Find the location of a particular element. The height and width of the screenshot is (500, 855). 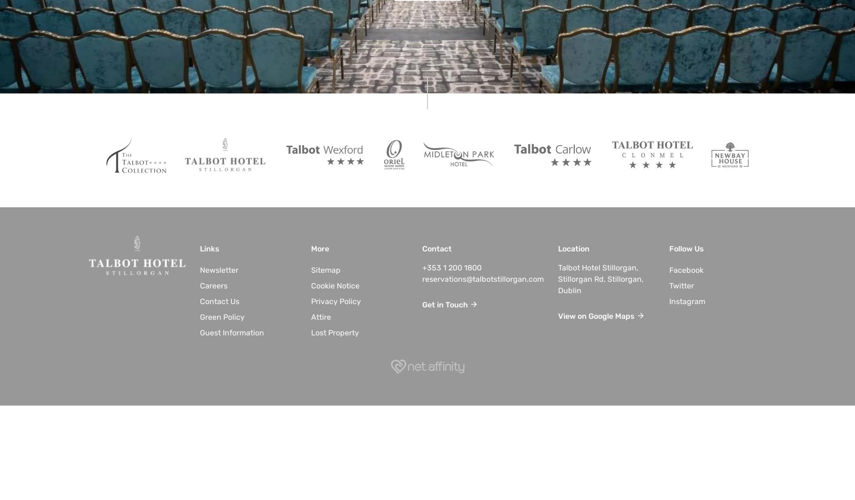

'2023' is located at coordinates (8, 439).